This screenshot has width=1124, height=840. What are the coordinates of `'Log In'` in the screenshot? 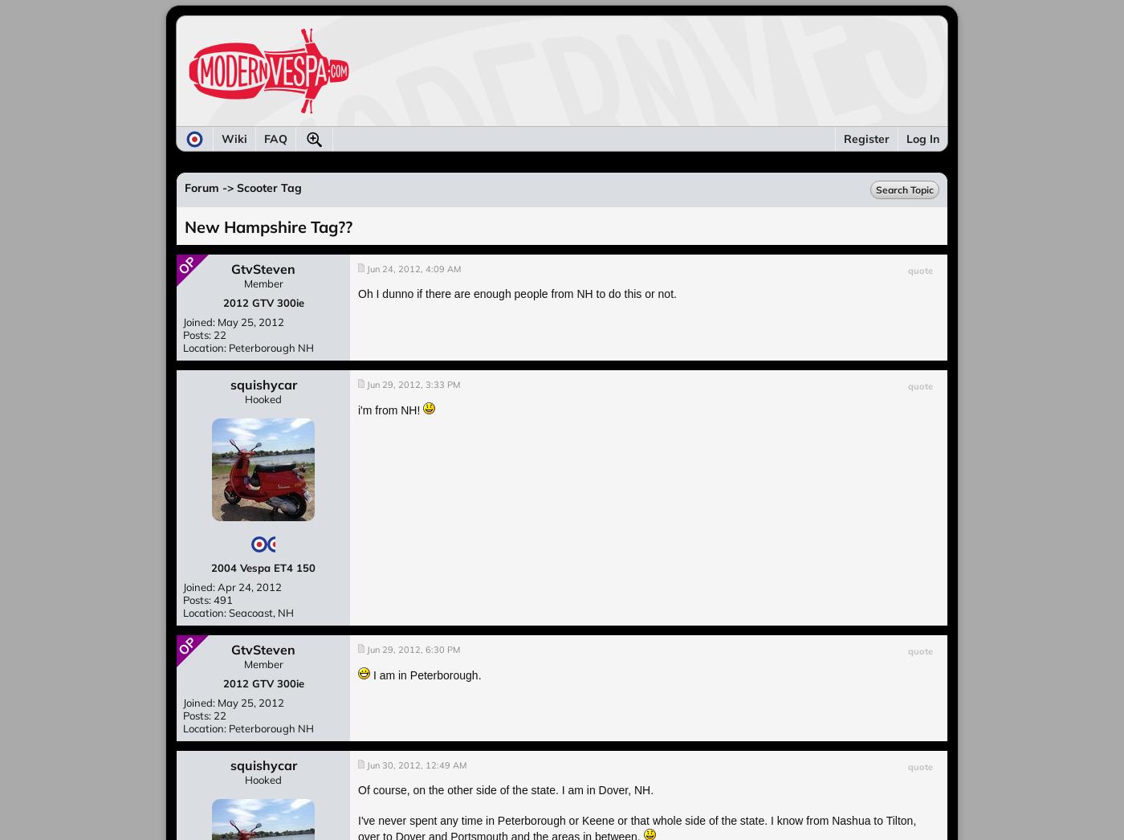 It's located at (922, 139).